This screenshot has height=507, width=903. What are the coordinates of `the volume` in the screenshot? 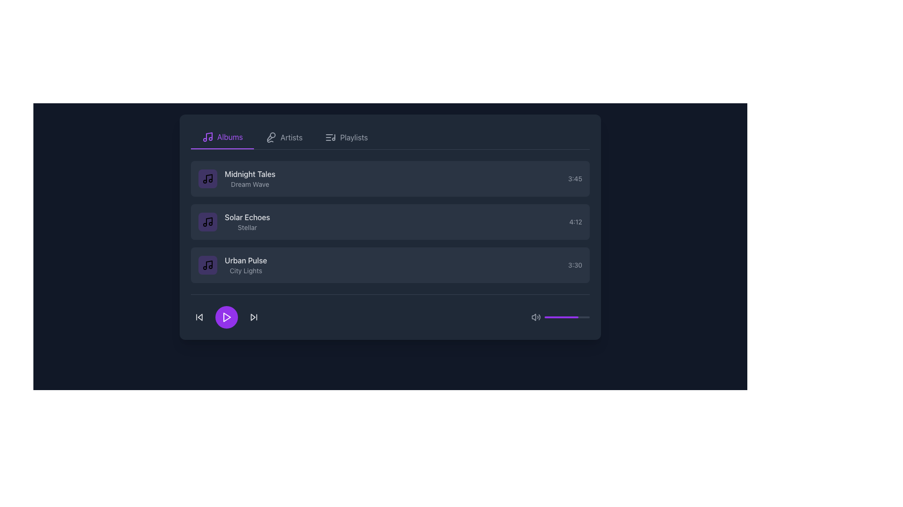 It's located at (572, 317).